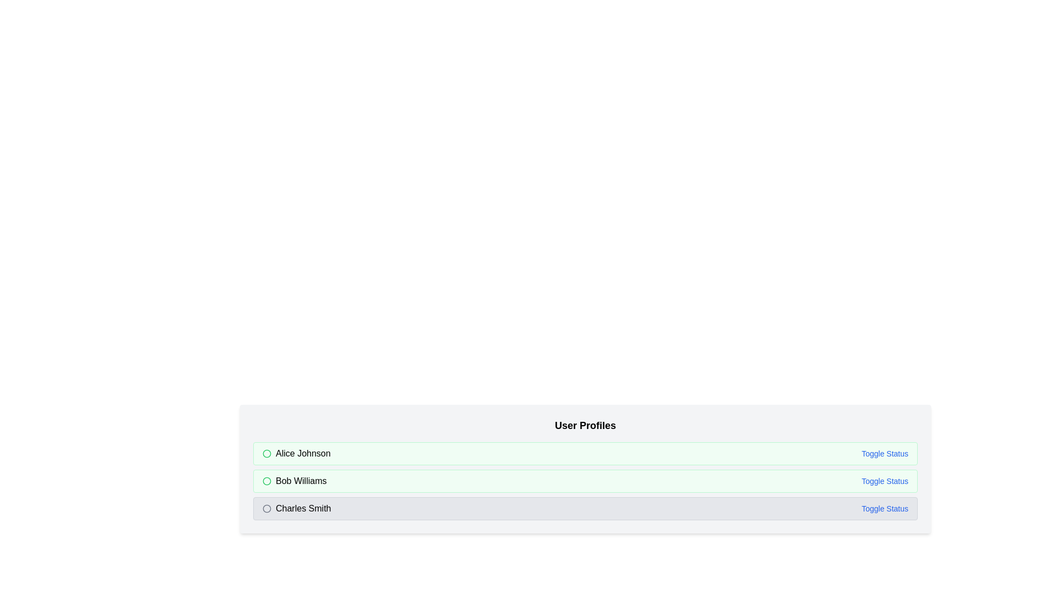 The height and width of the screenshot is (594, 1057). What do you see at coordinates (266, 454) in the screenshot?
I see `the circular icon with a green border located to the left of the name 'Alice Johnson' in the user profiles list` at bounding box center [266, 454].